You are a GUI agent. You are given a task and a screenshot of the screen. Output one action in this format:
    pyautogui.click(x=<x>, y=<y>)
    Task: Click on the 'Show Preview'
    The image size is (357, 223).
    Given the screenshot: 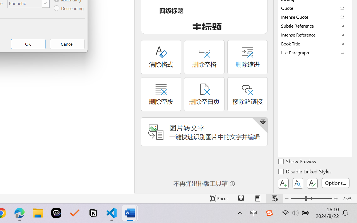 What is the action you would take?
    pyautogui.click(x=297, y=162)
    